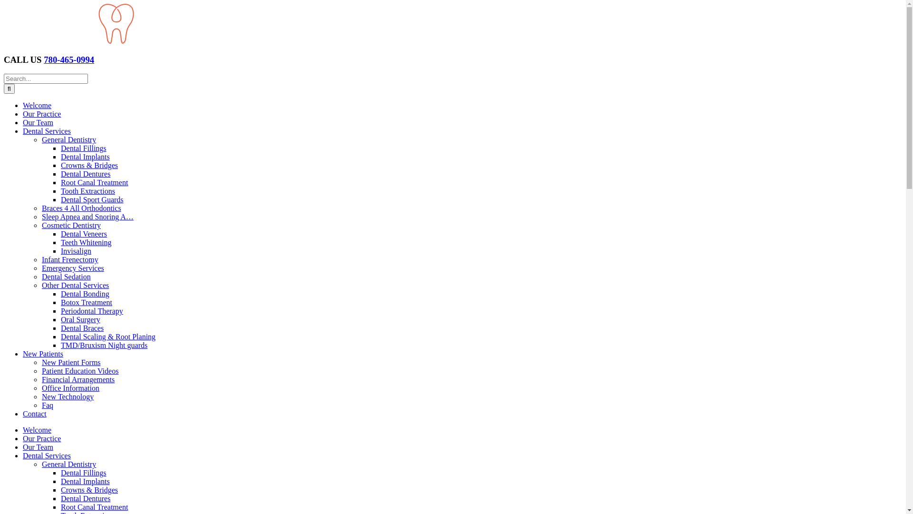 This screenshot has height=514, width=913. Describe the element at coordinates (72, 268) in the screenshot. I see `'Emergency Services'` at that location.